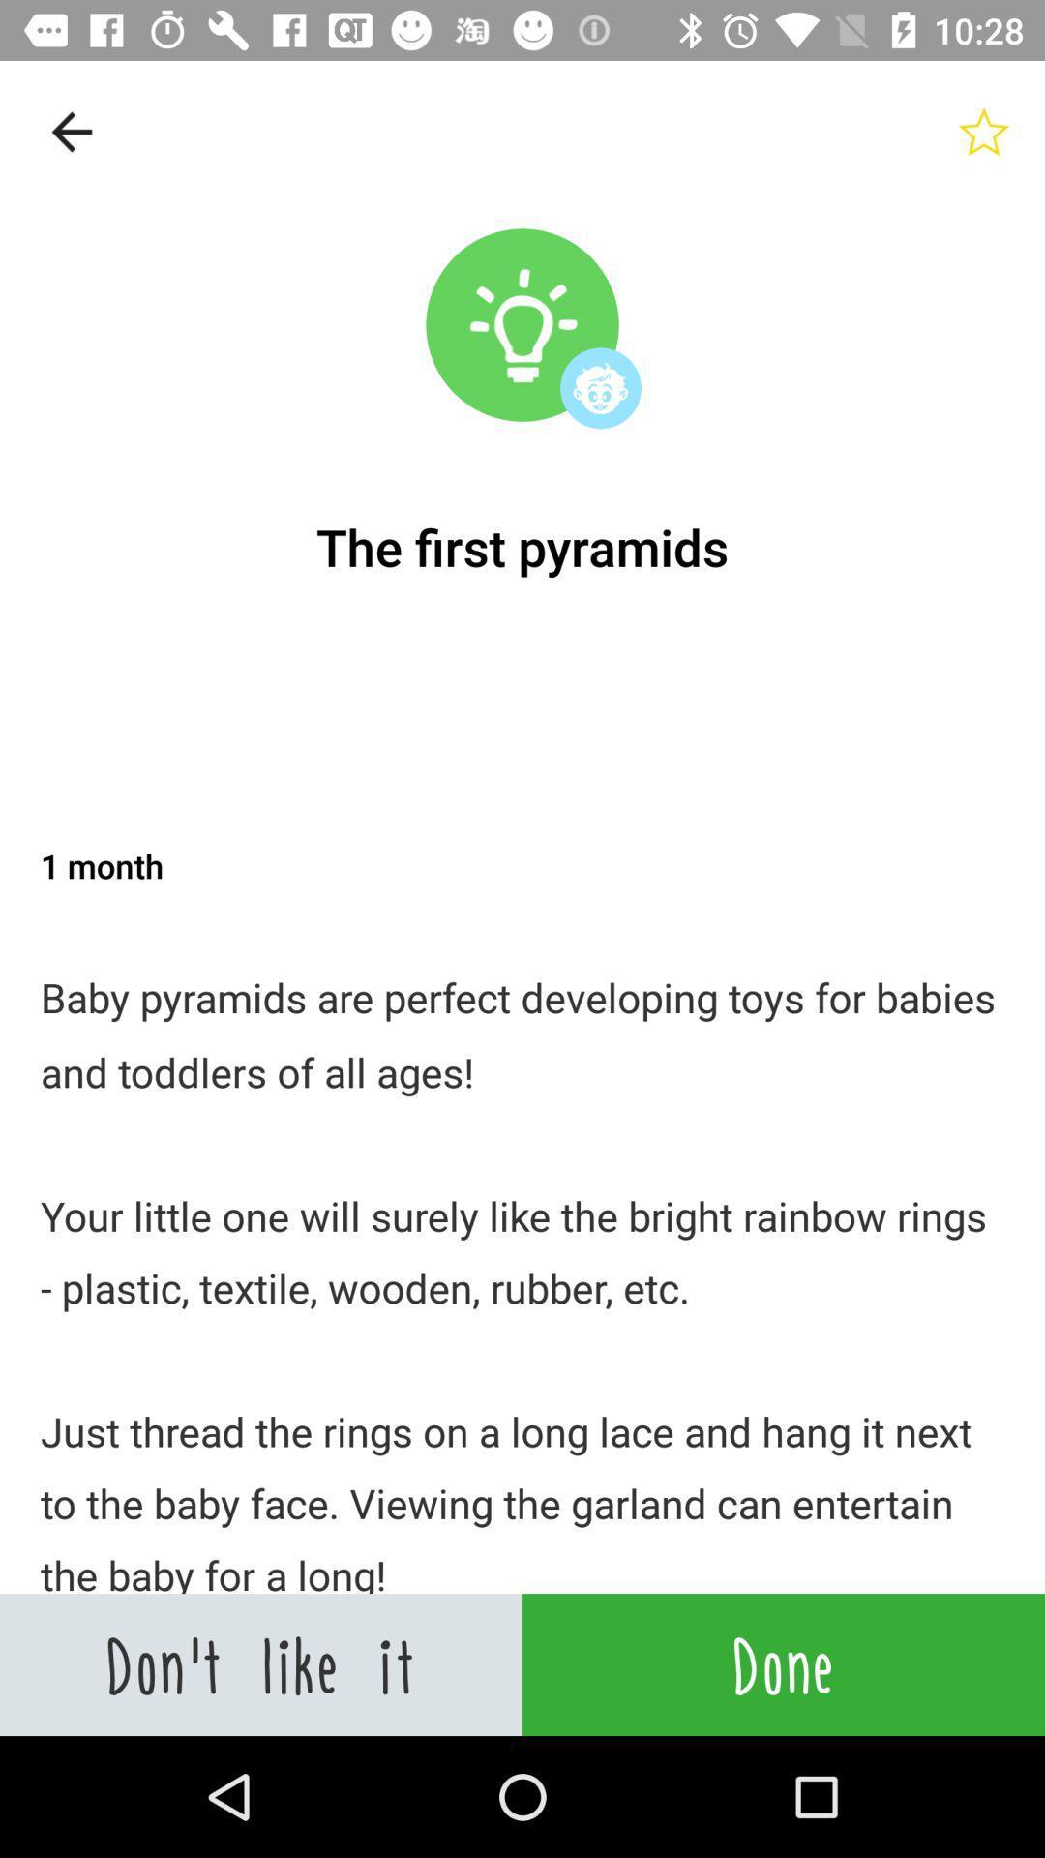 The width and height of the screenshot is (1045, 1858). Describe the element at coordinates (984, 131) in the screenshot. I see `to favorites` at that location.